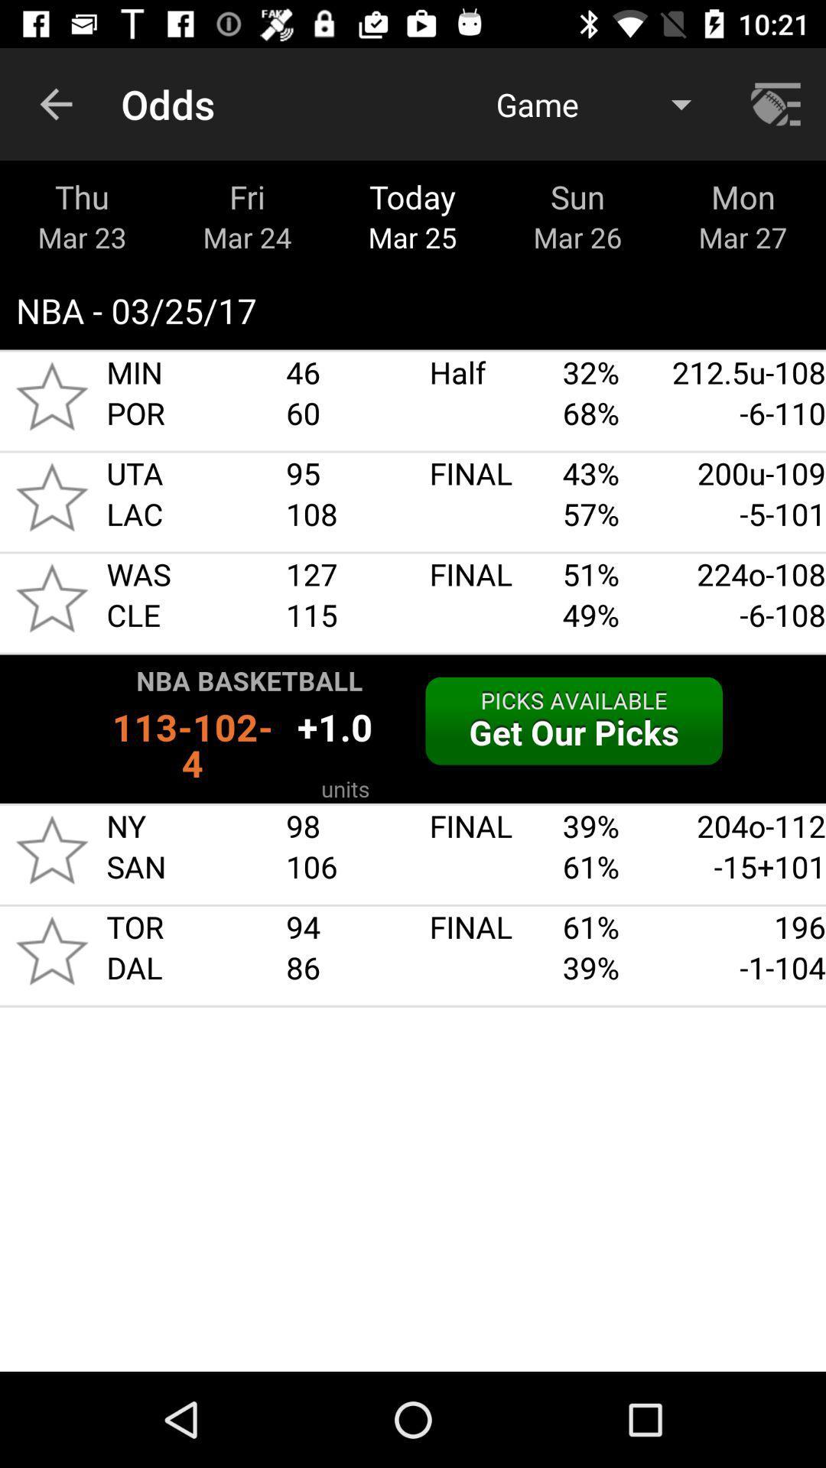 Image resolution: width=826 pixels, height=1468 pixels. What do you see at coordinates (51, 950) in the screenshot?
I see `bookmark game` at bounding box center [51, 950].